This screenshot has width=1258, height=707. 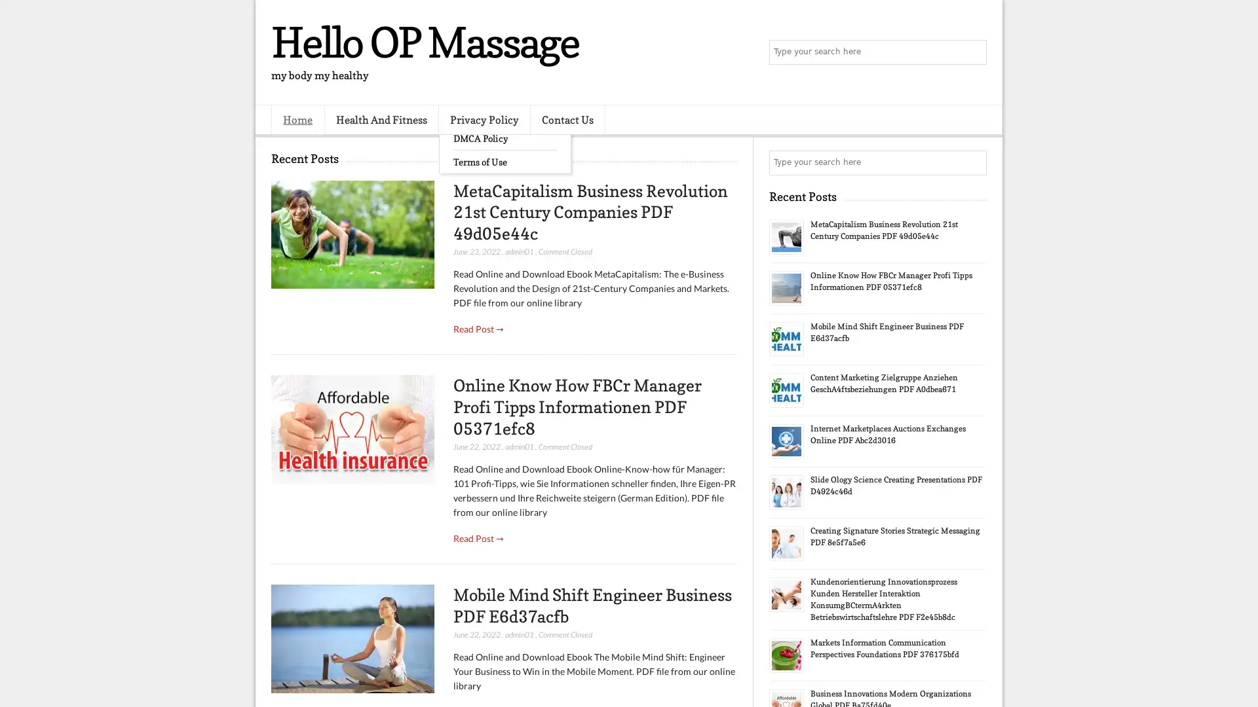 I want to click on Search, so click(x=973, y=162).